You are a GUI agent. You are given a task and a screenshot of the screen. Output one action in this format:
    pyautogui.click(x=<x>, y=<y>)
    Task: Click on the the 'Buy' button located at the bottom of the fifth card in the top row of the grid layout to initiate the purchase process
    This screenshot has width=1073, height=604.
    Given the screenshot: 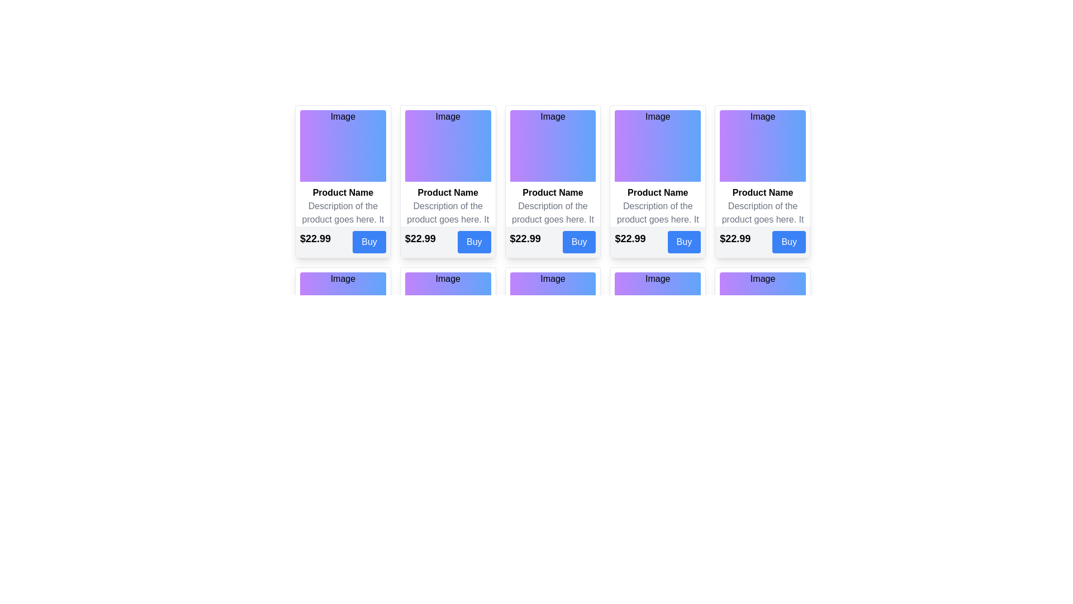 What is the action you would take?
    pyautogui.click(x=658, y=241)
    